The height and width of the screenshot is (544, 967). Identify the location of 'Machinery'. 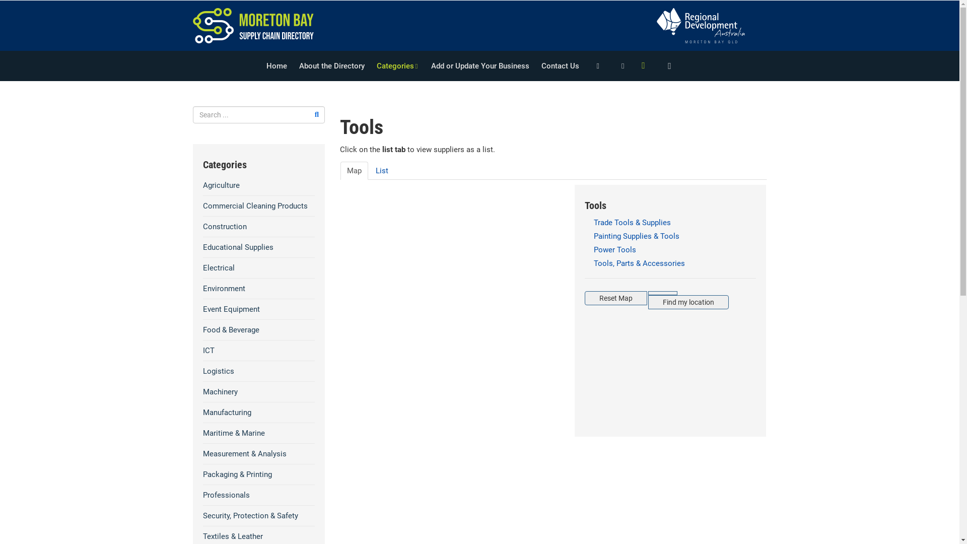
(258, 391).